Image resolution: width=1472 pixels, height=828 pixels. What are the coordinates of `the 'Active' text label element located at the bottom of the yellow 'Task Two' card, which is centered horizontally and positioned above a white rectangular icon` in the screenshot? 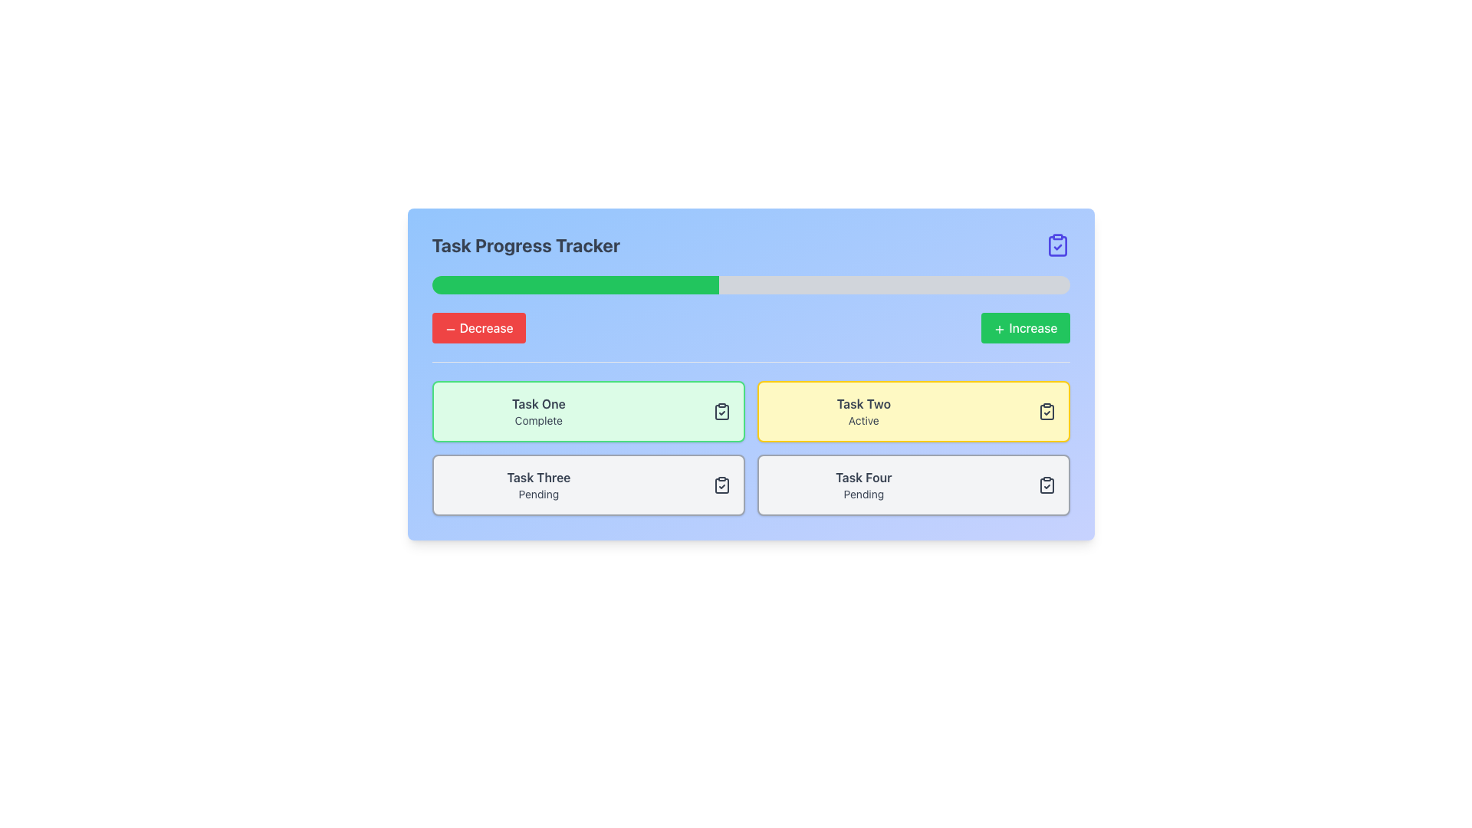 It's located at (863, 420).